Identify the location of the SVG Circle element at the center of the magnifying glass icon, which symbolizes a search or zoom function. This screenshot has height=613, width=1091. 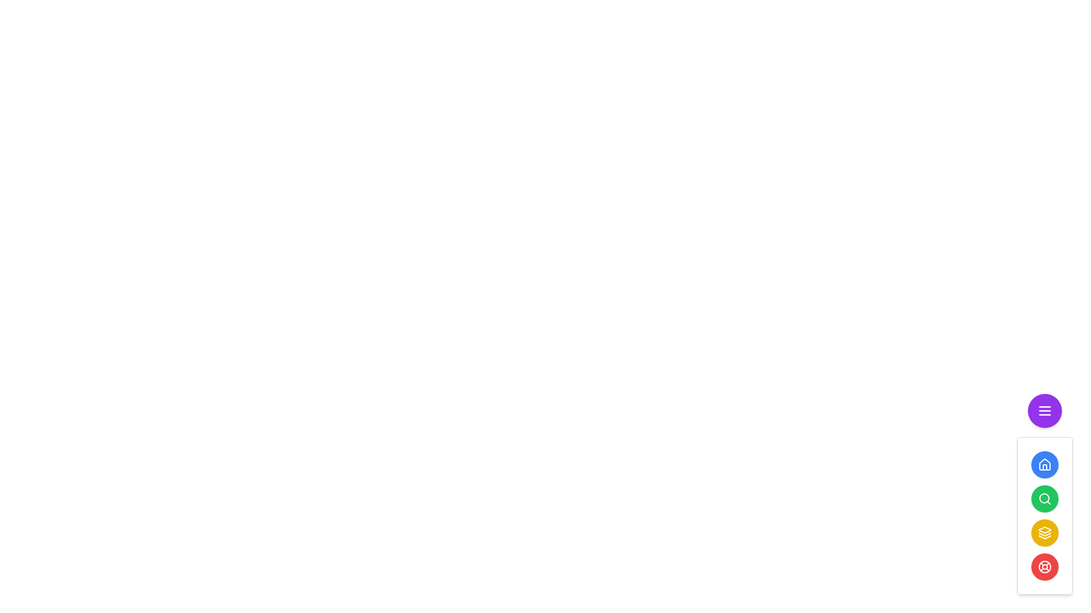
(1044, 498).